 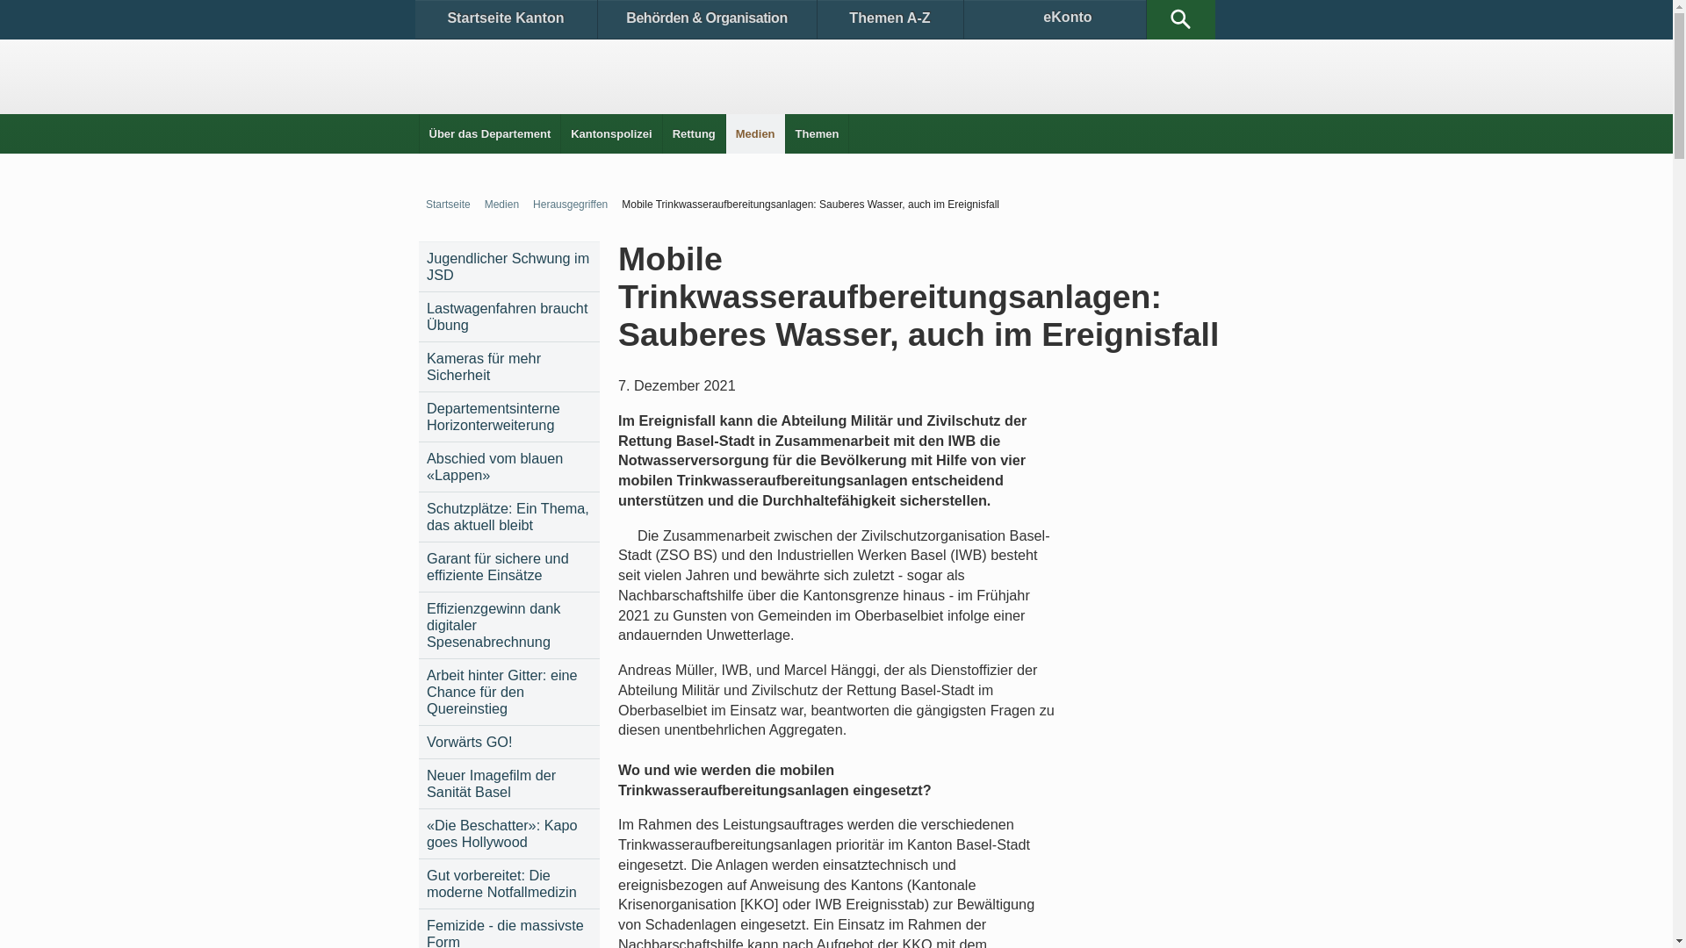 What do you see at coordinates (611, 133) in the screenshot?
I see `'Kantonspolizei'` at bounding box center [611, 133].